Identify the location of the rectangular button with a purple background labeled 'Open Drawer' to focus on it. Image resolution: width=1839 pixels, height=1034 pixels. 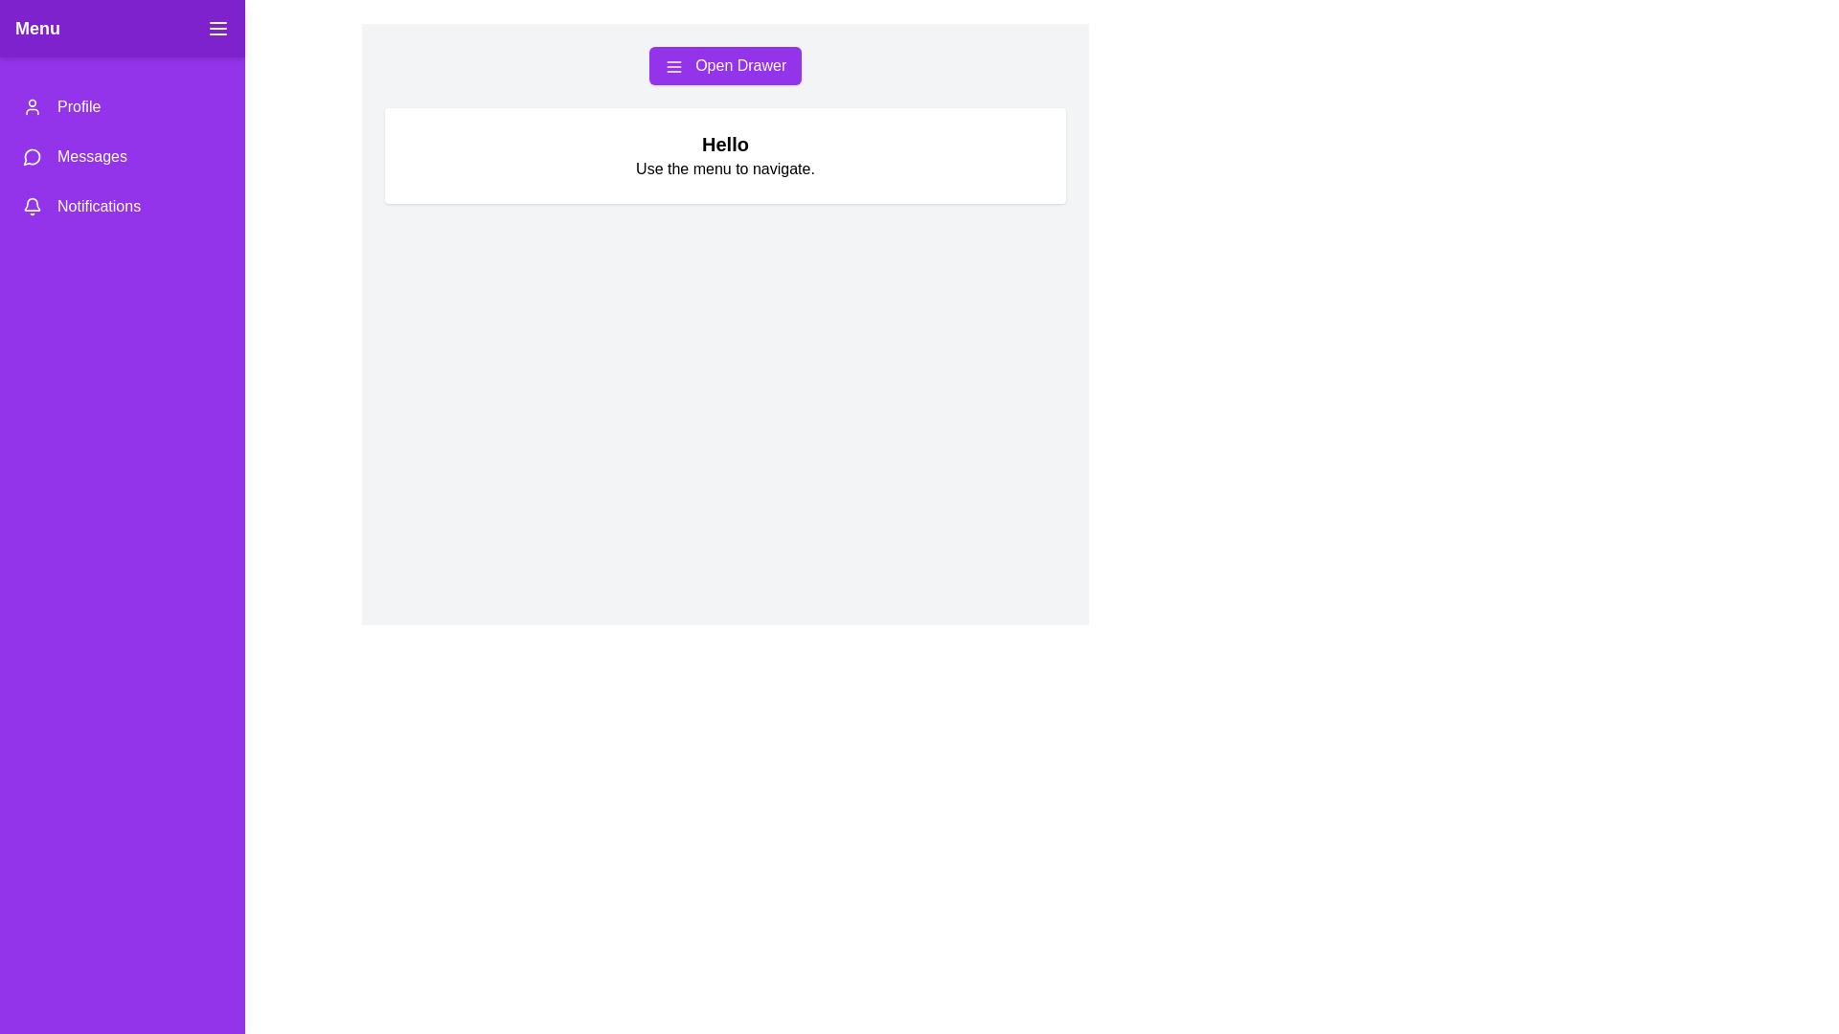
(724, 65).